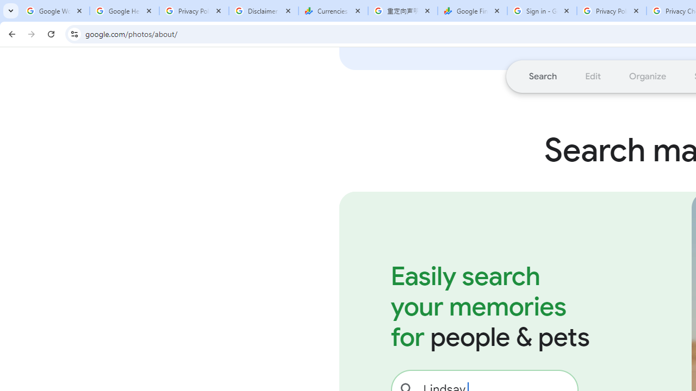  What do you see at coordinates (543, 75) in the screenshot?
I see `'Go to section: Search'` at bounding box center [543, 75].